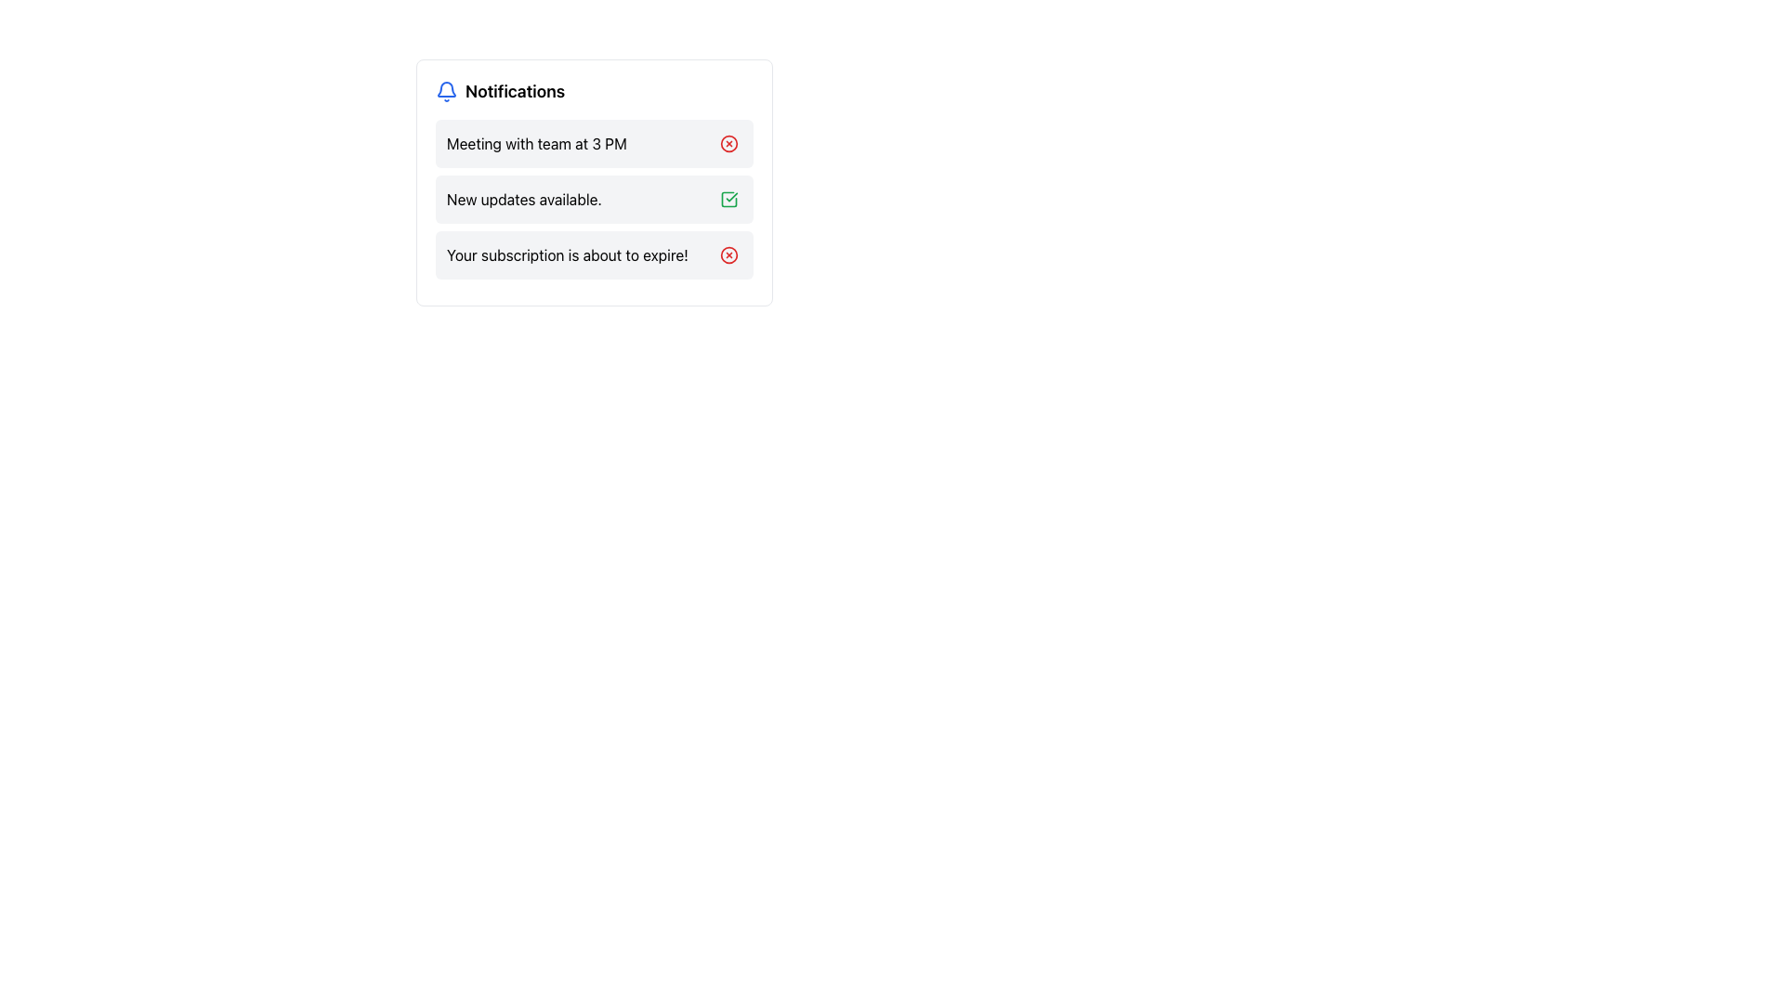 The height and width of the screenshot is (1003, 1784). What do you see at coordinates (728, 254) in the screenshot?
I see `the dismiss button (SVG icon) located in the rightmost part of the notification row for 'Your subscription is about to expire!'` at bounding box center [728, 254].